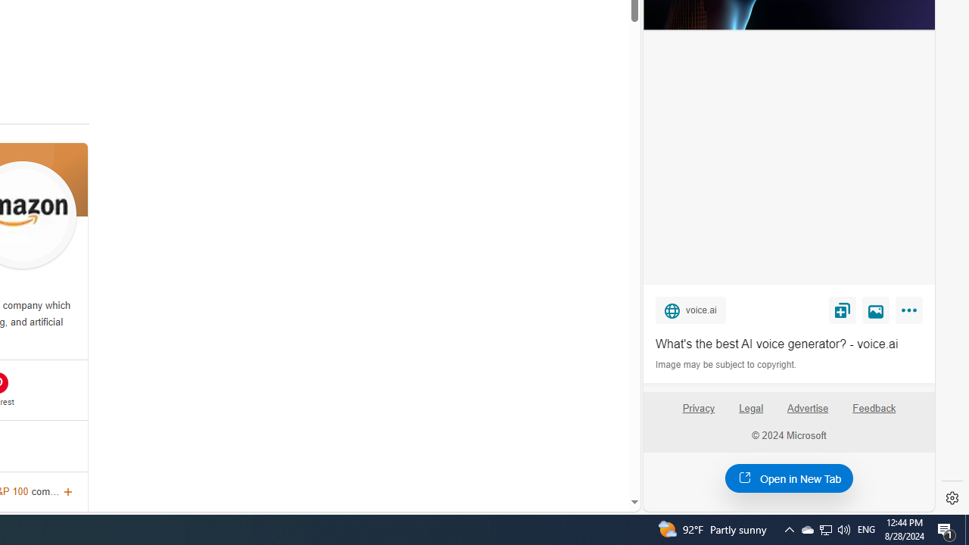 Image resolution: width=969 pixels, height=545 pixels. I want to click on 'More', so click(911, 312).